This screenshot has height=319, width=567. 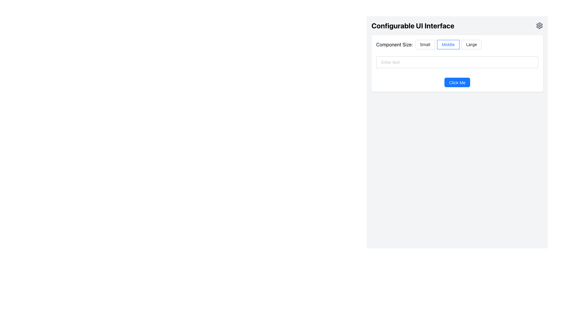 I want to click on the 'Large' radio button label, which is part of a segmented button group for size options, so click(x=471, y=44).